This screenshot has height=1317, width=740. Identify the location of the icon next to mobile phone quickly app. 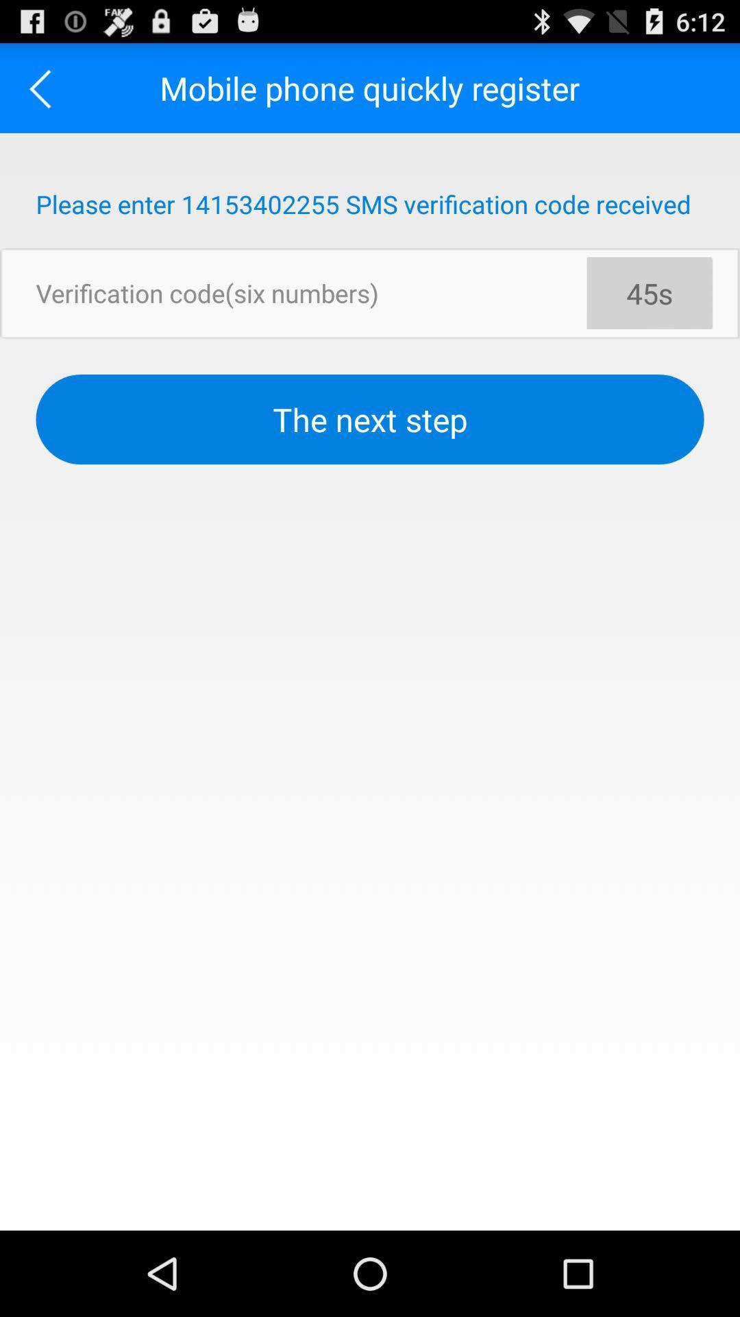
(44, 87).